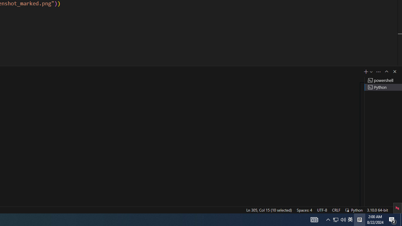  Describe the element at coordinates (386, 71) in the screenshot. I see `'Maximize Panel Size'` at that location.